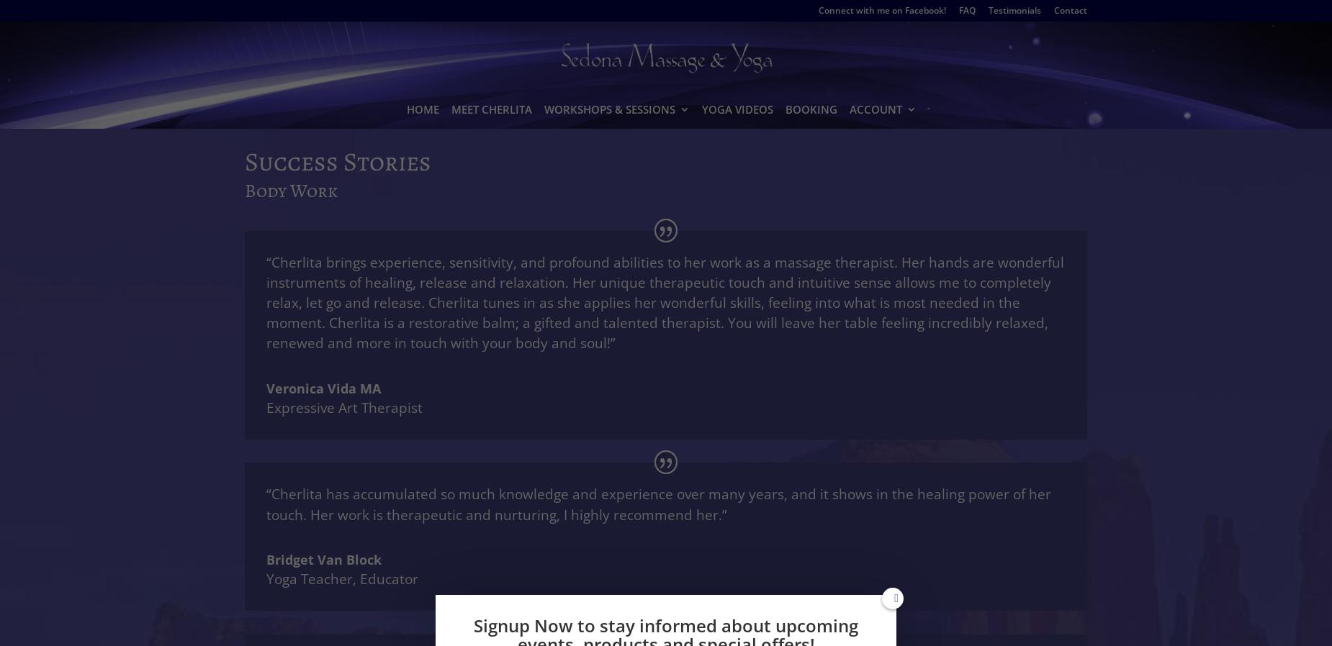 This screenshot has width=1332, height=646. What do you see at coordinates (323, 386) in the screenshot?
I see `'Veronica Vida MA'` at bounding box center [323, 386].